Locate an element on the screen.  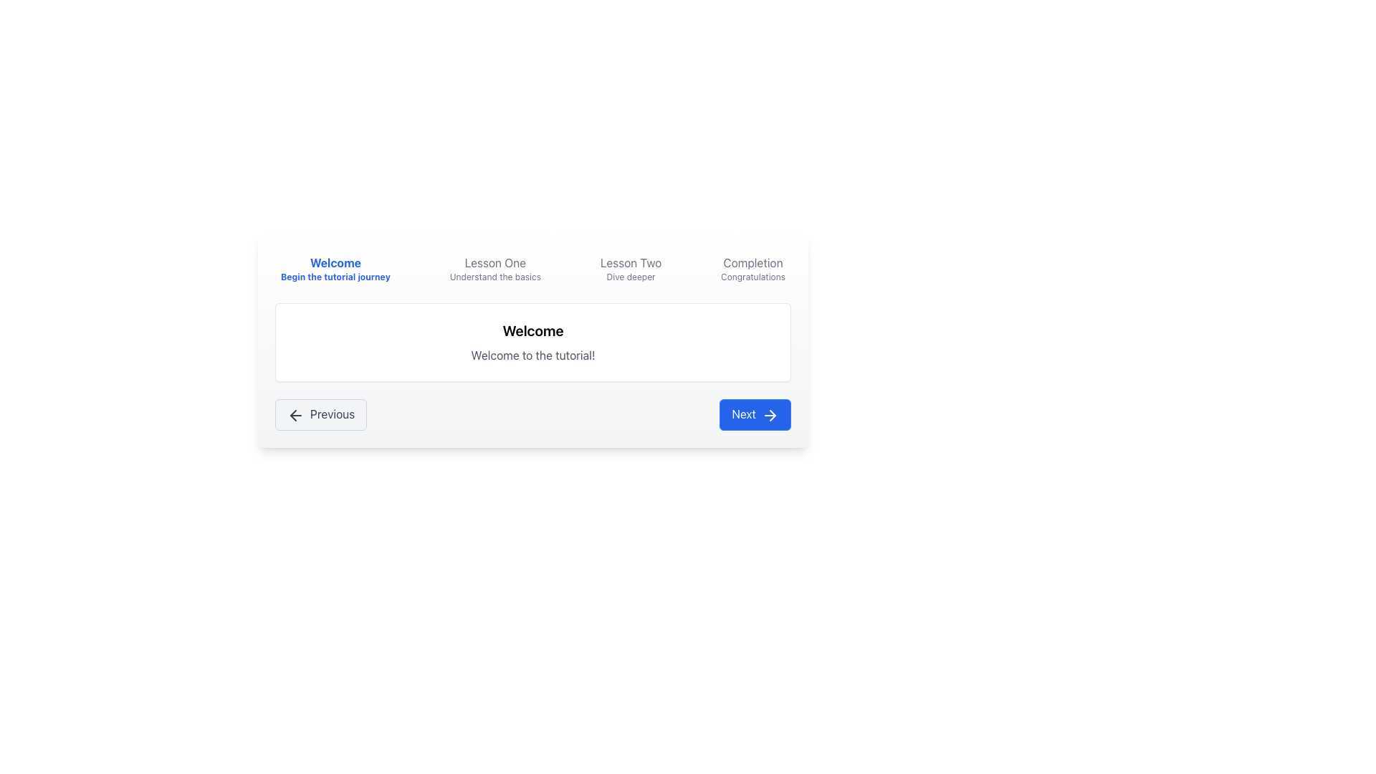
the button located on the left side of the footer navigation bar, which navigates to the previous item or step in a sequence is located at coordinates (320, 414).